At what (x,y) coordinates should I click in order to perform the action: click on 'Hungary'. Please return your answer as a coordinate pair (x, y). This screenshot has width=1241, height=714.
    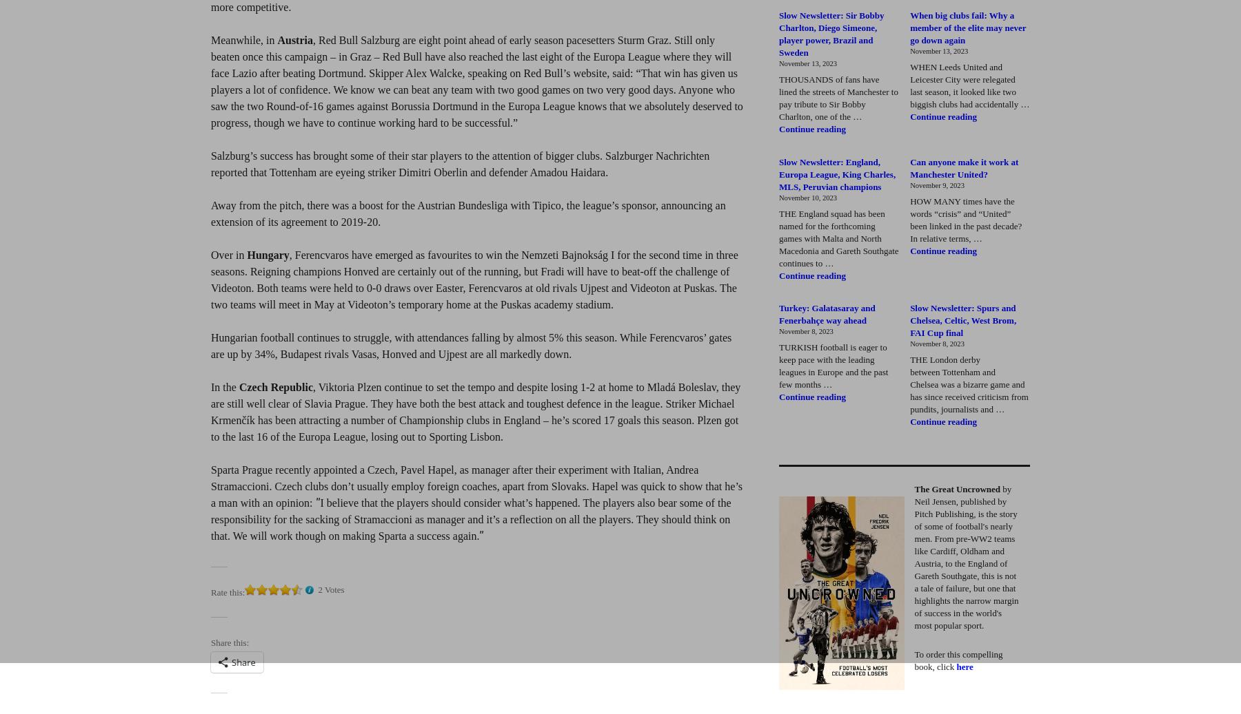
    Looking at the image, I should click on (268, 254).